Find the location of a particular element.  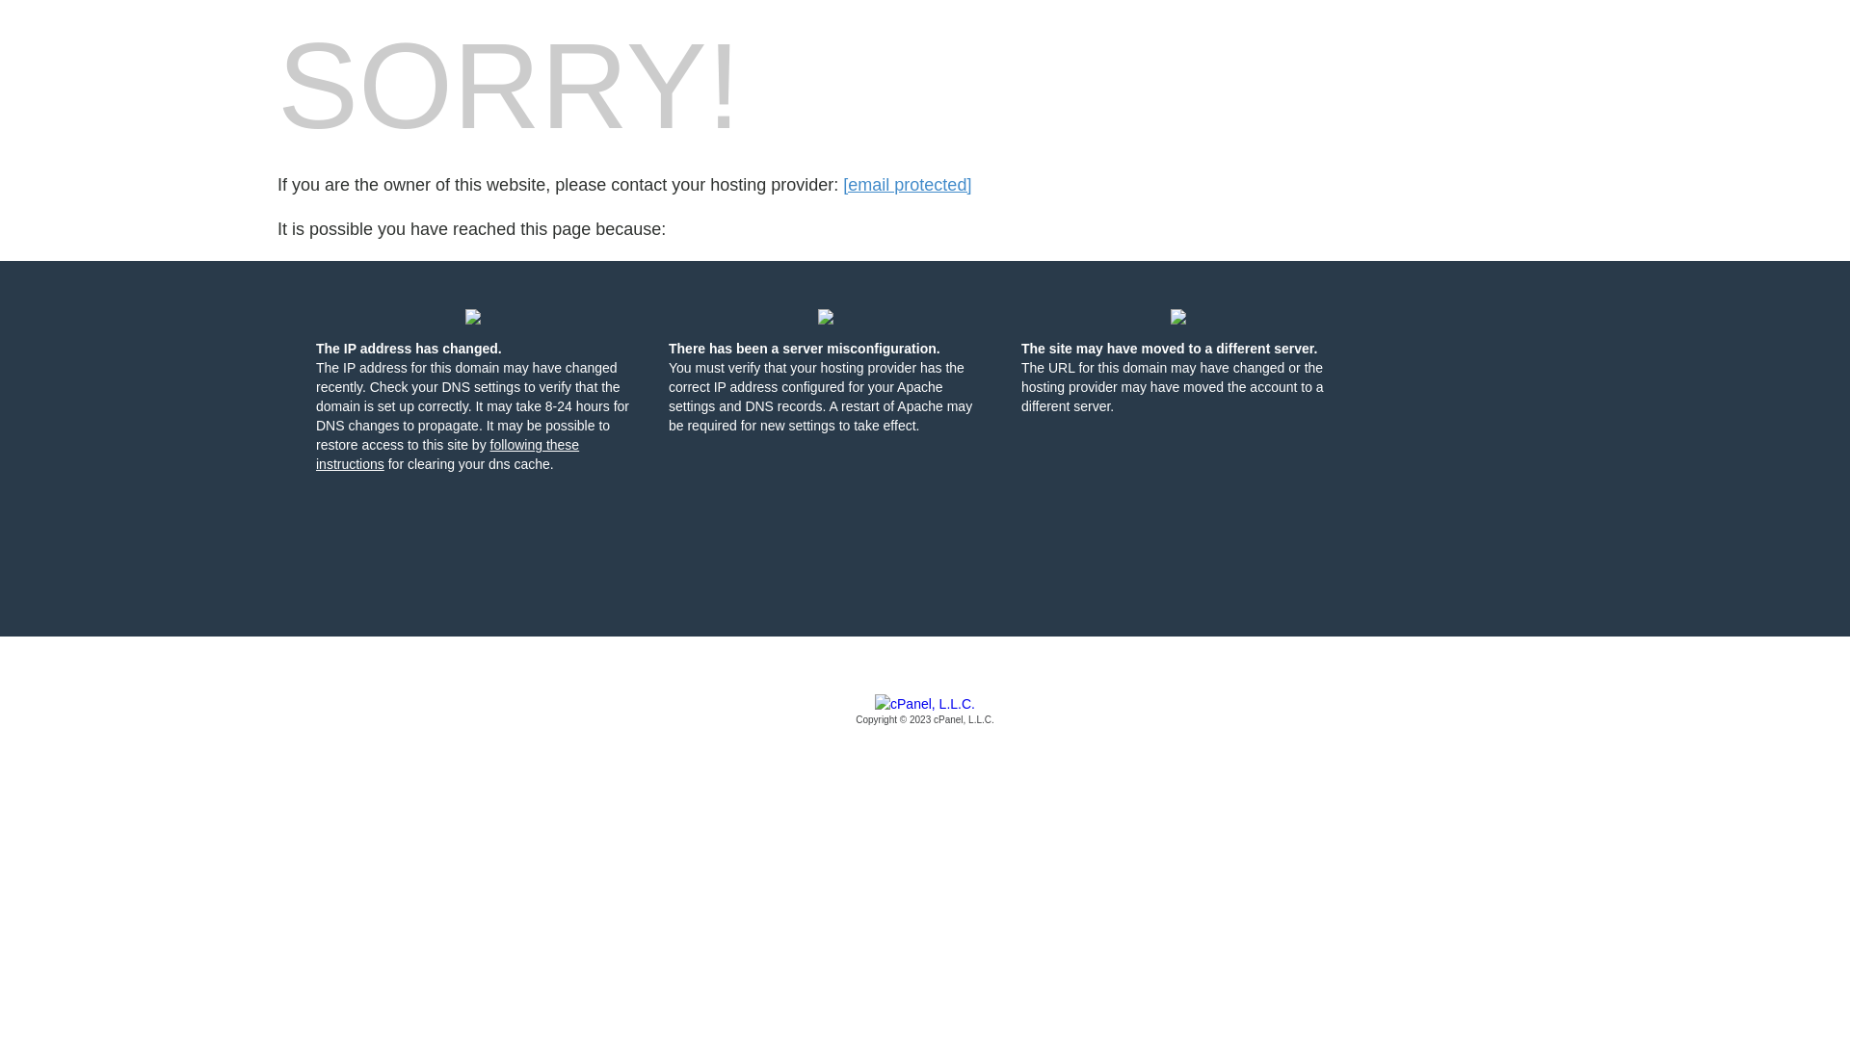

'[email protected]' is located at coordinates (906, 185).